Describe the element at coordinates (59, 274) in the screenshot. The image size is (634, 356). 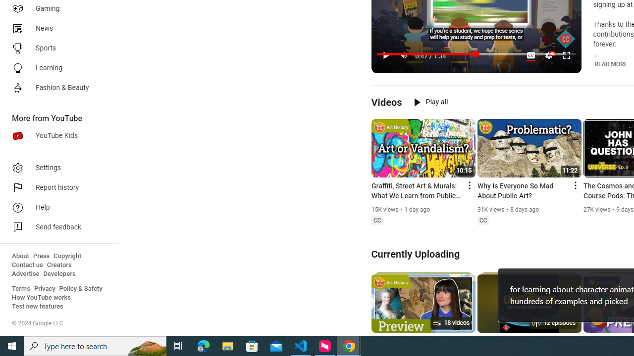
I see `'Developers'` at that location.